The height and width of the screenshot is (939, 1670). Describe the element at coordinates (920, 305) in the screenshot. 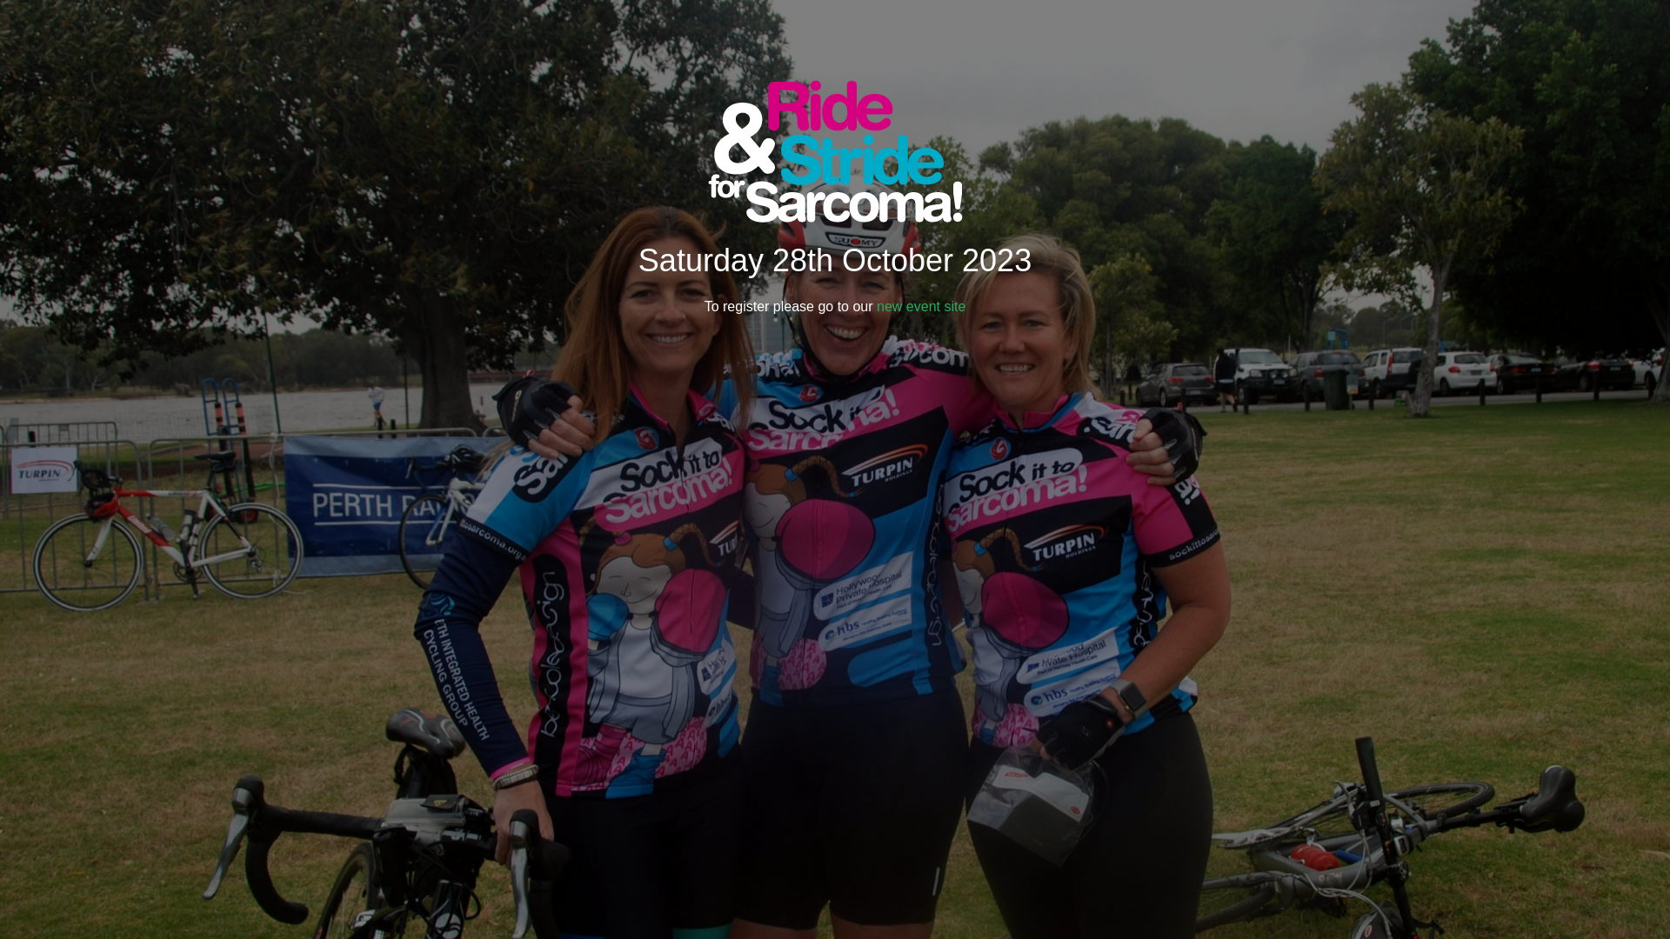

I see `'new event site'` at that location.